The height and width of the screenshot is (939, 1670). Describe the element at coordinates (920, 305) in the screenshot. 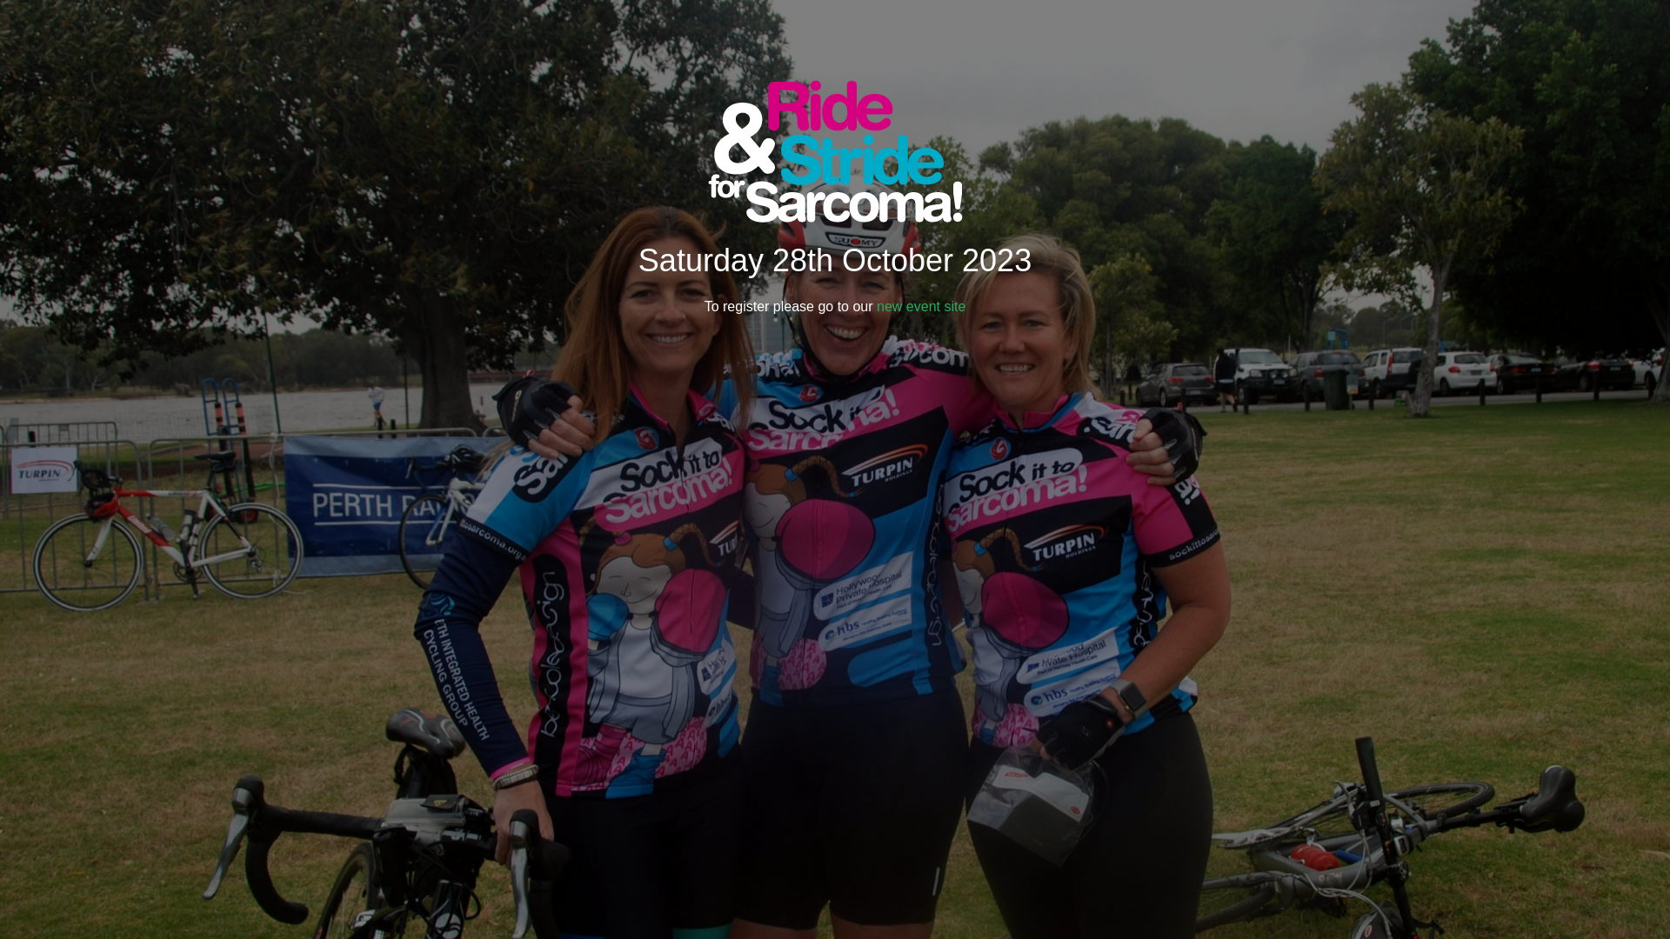

I see `'new event site'` at that location.